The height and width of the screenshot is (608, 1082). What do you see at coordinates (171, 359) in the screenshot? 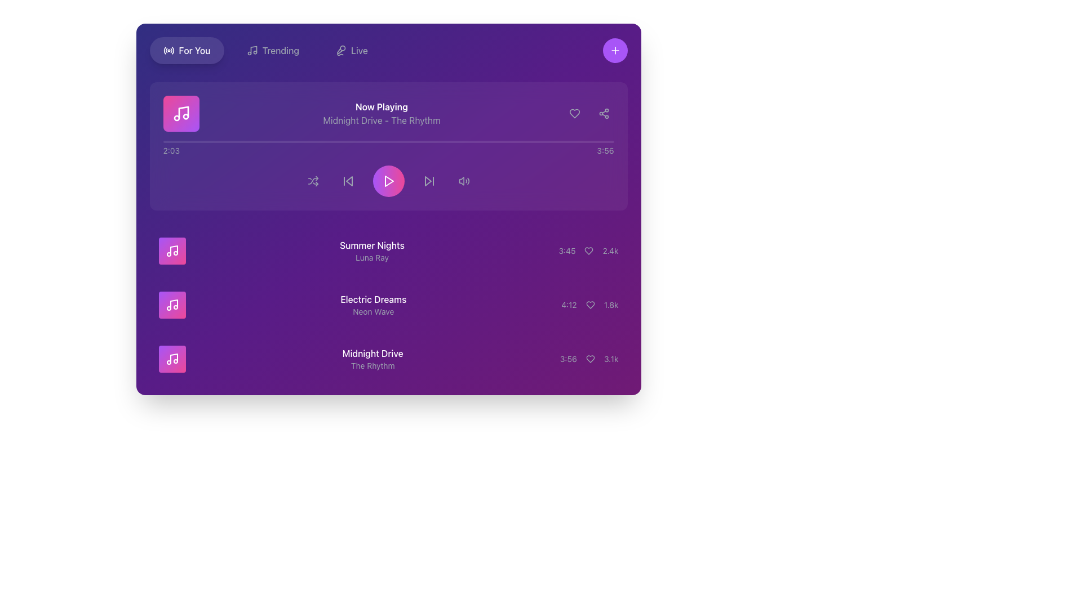
I see `the musical notes icon, which is the third item in a vertical list of music-related icons` at bounding box center [171, 359].